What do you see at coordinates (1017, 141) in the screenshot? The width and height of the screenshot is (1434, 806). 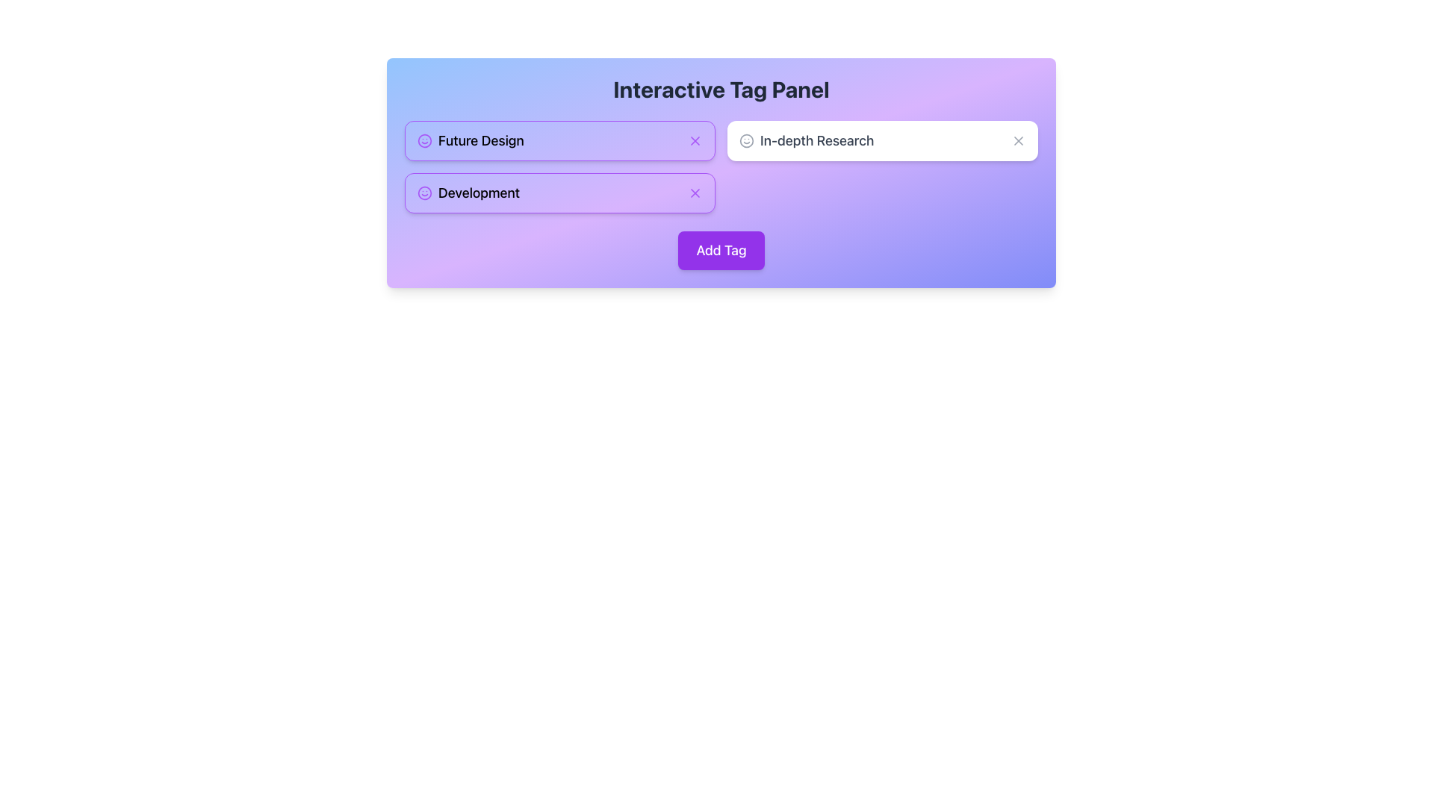 I see `the cross ('X') icon located at the upper right of the purple gradient panel` at bounding box center [1017, 141].